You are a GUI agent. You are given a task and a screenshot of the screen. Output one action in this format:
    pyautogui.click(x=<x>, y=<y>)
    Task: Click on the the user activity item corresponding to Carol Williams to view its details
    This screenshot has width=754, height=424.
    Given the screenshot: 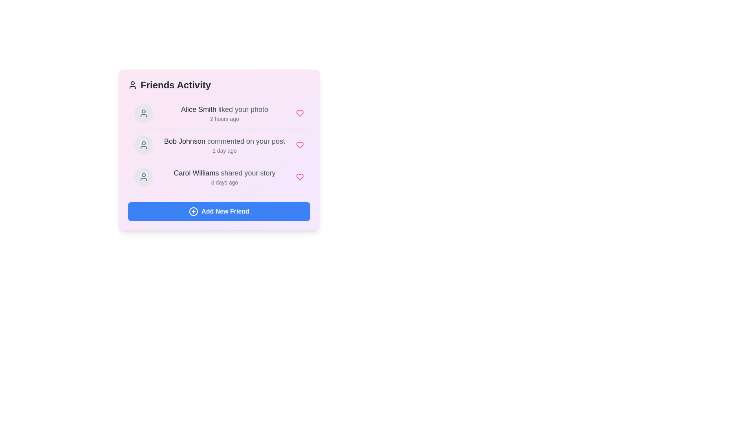 What is the action you would take?
    pyautogui.click(x=219, y=177)
    